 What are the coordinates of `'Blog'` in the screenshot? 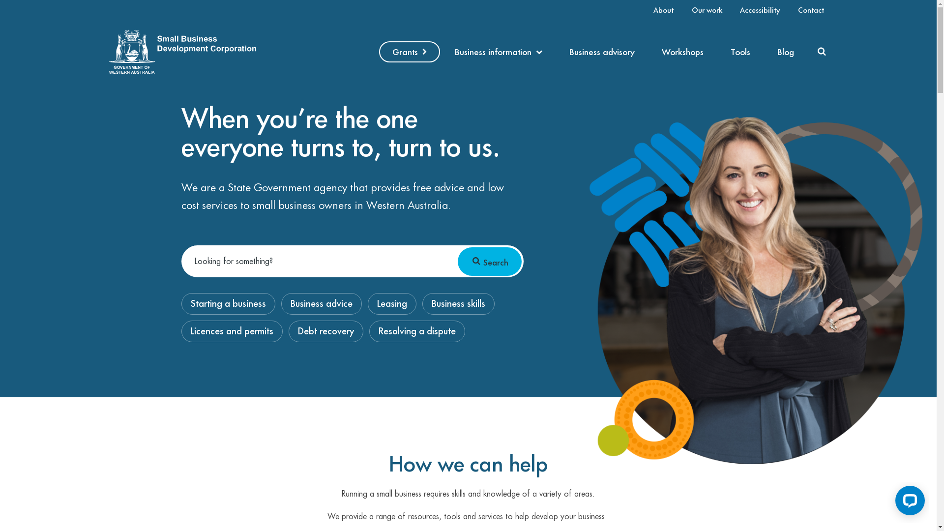 It's located at (785, 52).